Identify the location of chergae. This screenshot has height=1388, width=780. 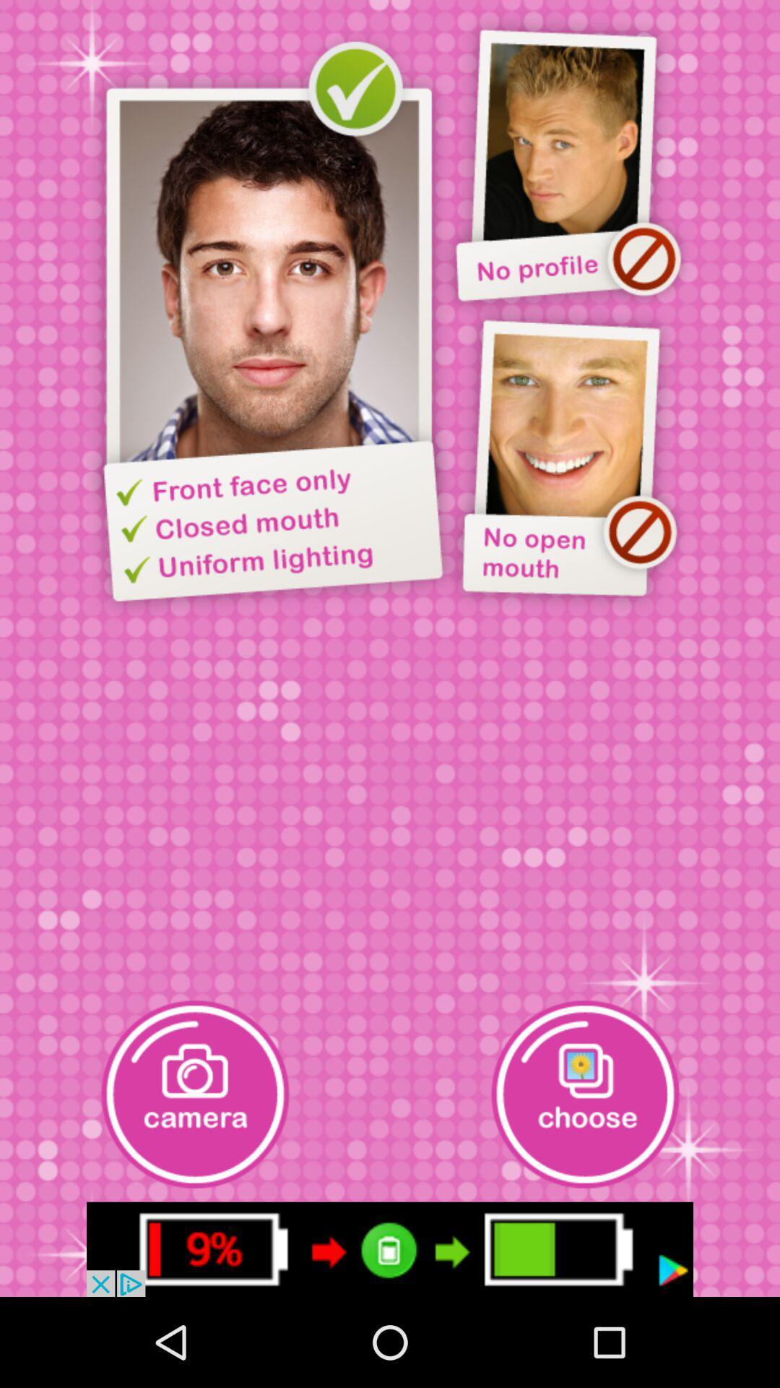
(390, 1248).